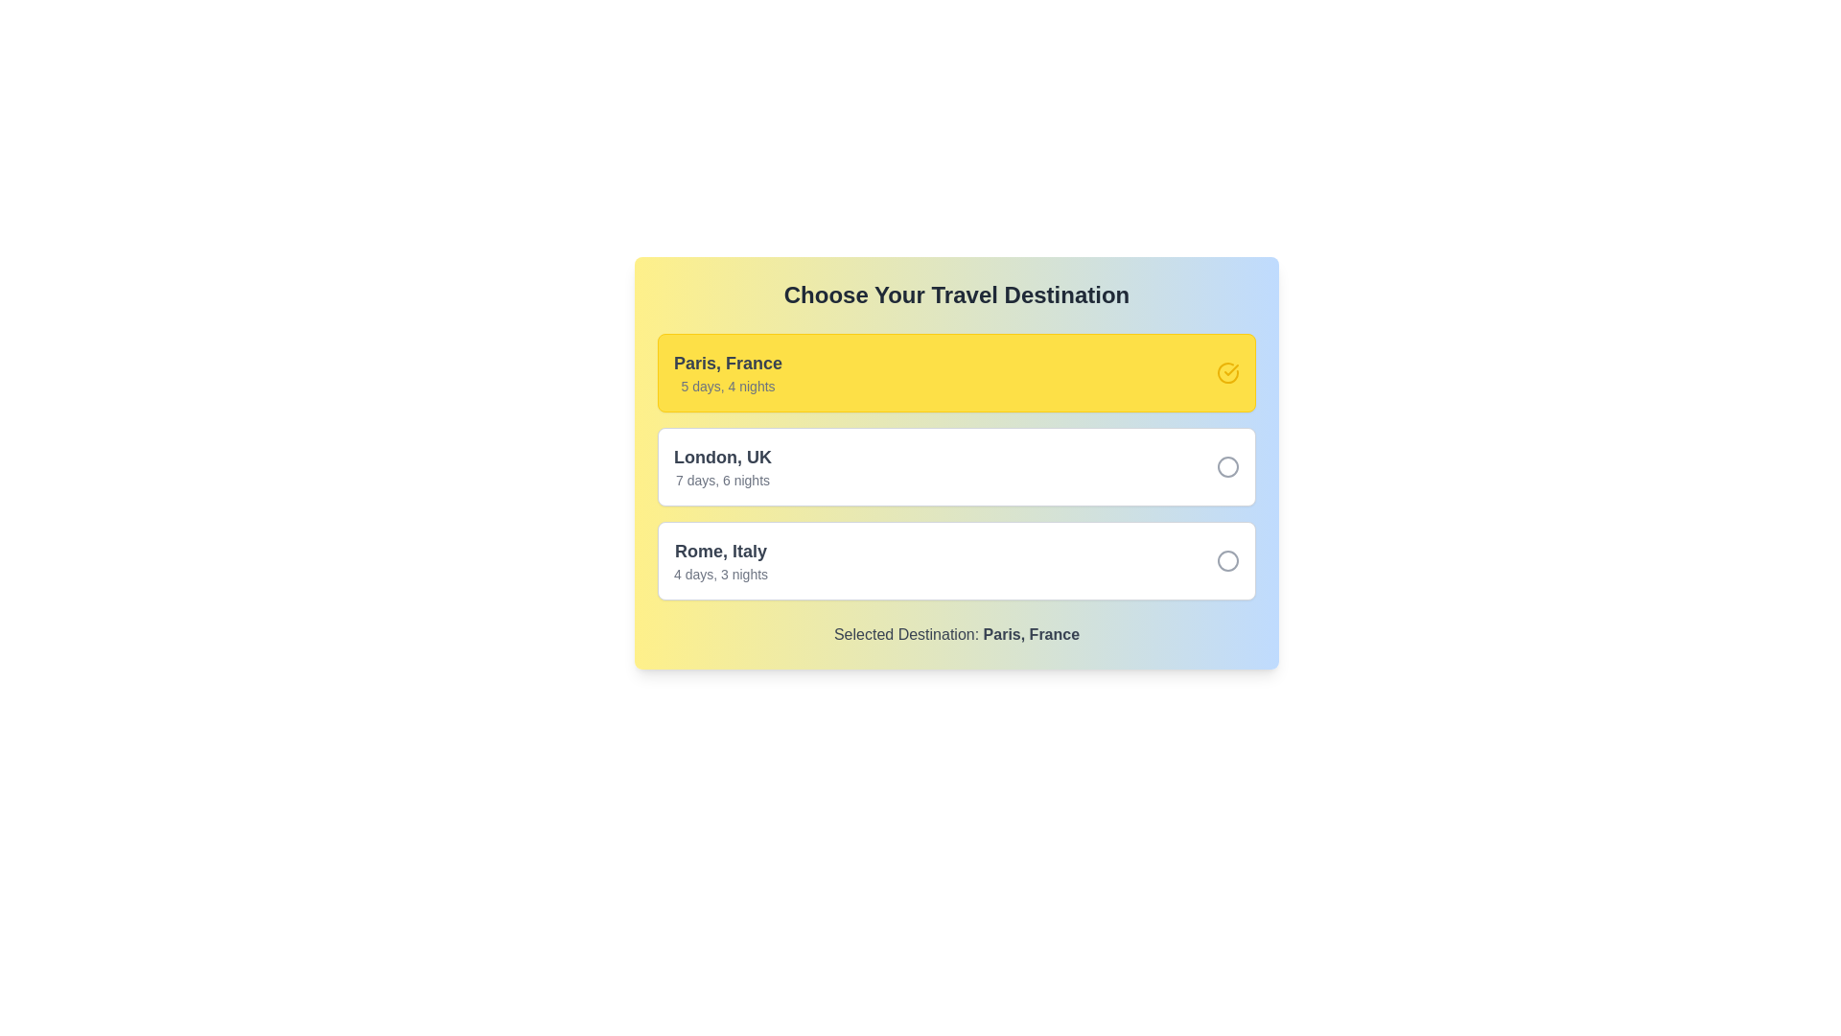  I want to click on details 'Rome, Italy' and '4 days, 3 nights' from the third item in the vertically stacked list of travel destination options, so click(720, 561).